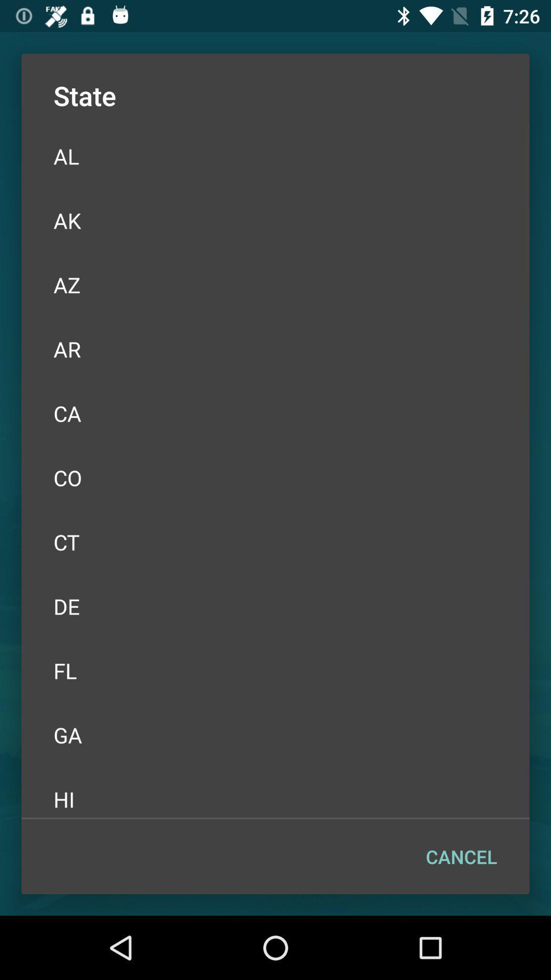 The image size is (551, 980). Describe the element at coordinates (275, 156) in the screenshot. I see `icon above ak` at that location.